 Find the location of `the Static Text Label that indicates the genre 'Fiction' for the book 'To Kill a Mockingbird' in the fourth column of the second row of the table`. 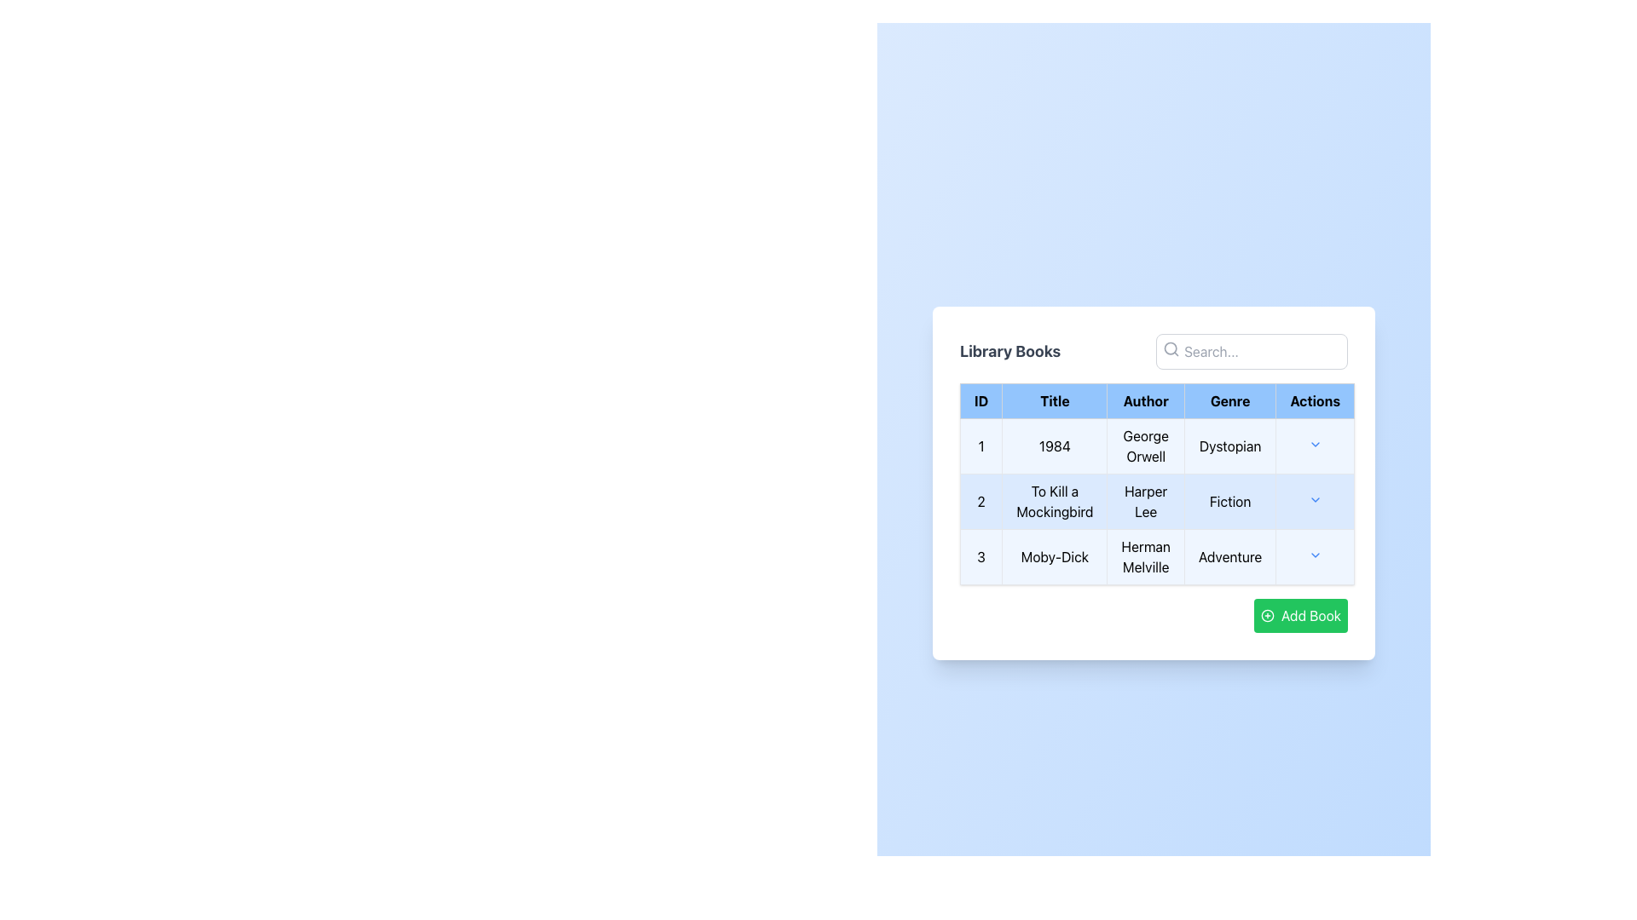

the Static Text Label that indicates the genre 'Fiction' for the book 'To Kill a Mockingbird' in the fourth column of the second row of the table is located at coordinates (1230, 500).